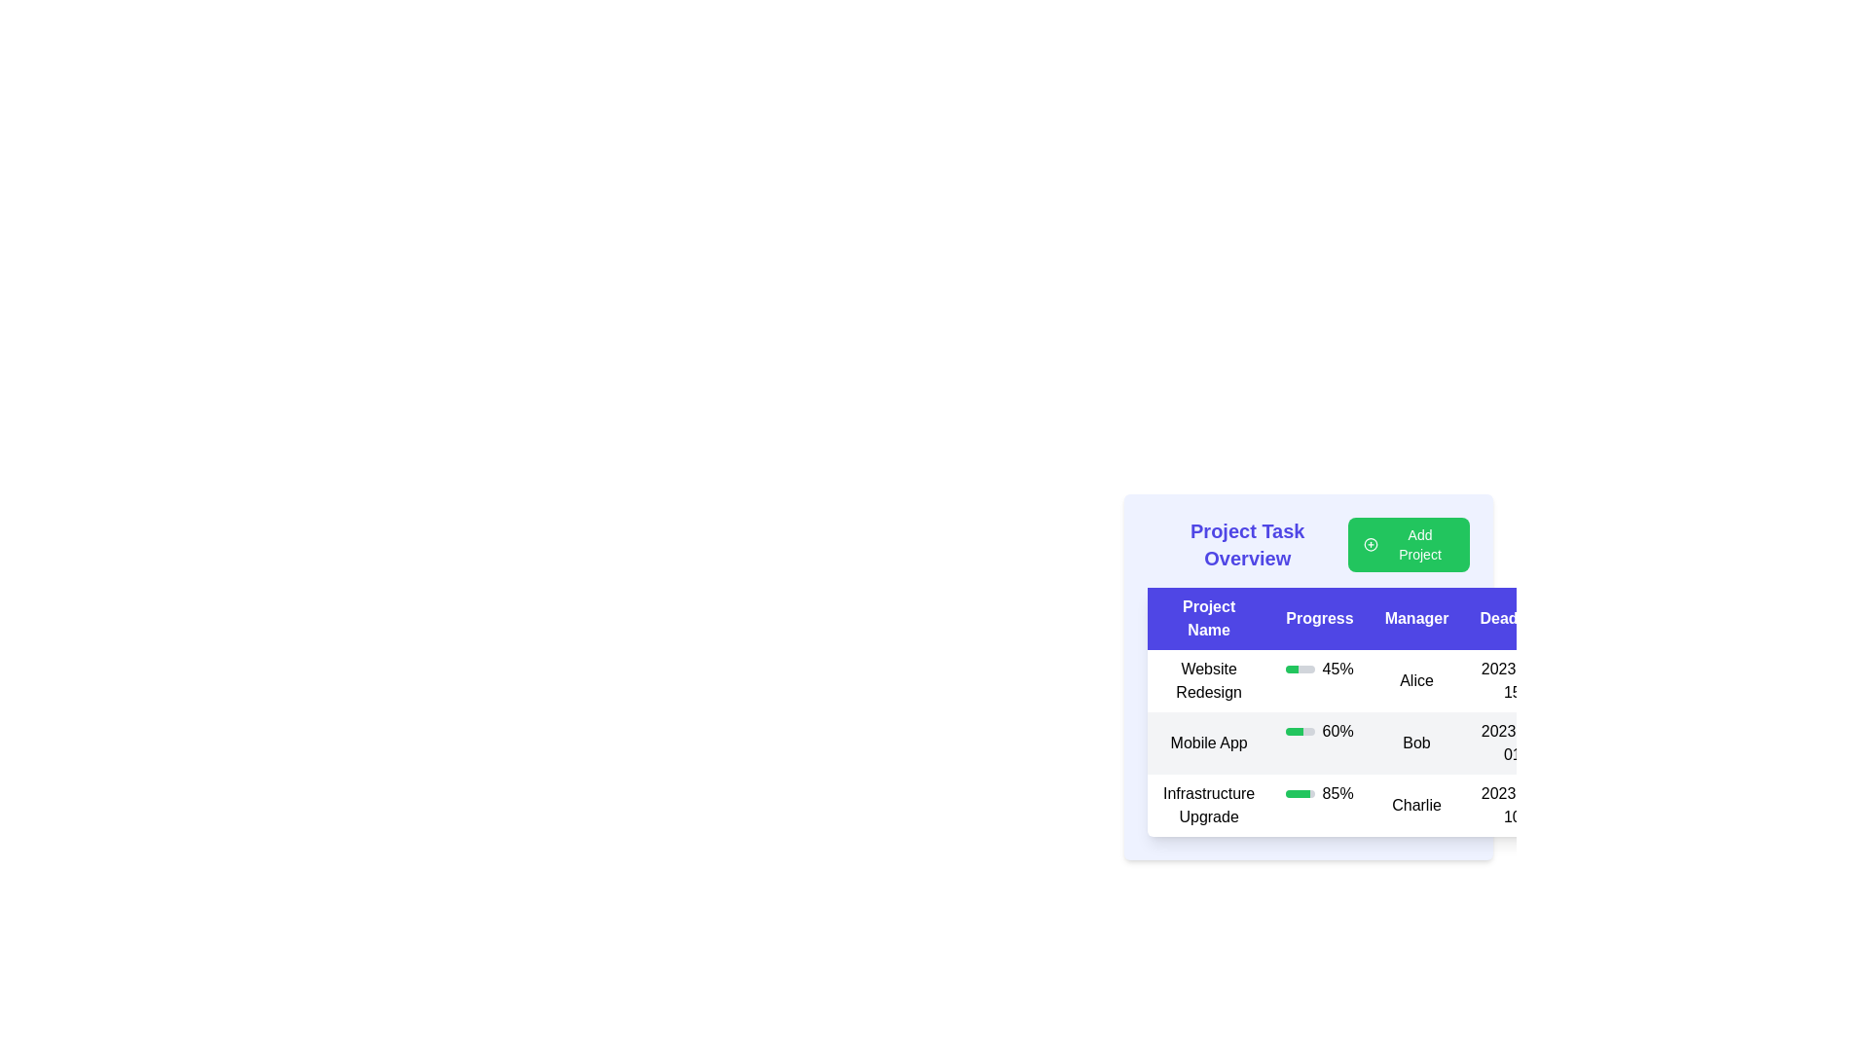  What do you see at coordinates (1370, 544) in the screenshot?
I see `the decorative circle element located centrally within the 'Add Project' button in the header of the 'Project Task Overview' table` at bounding box center [1370, 544].